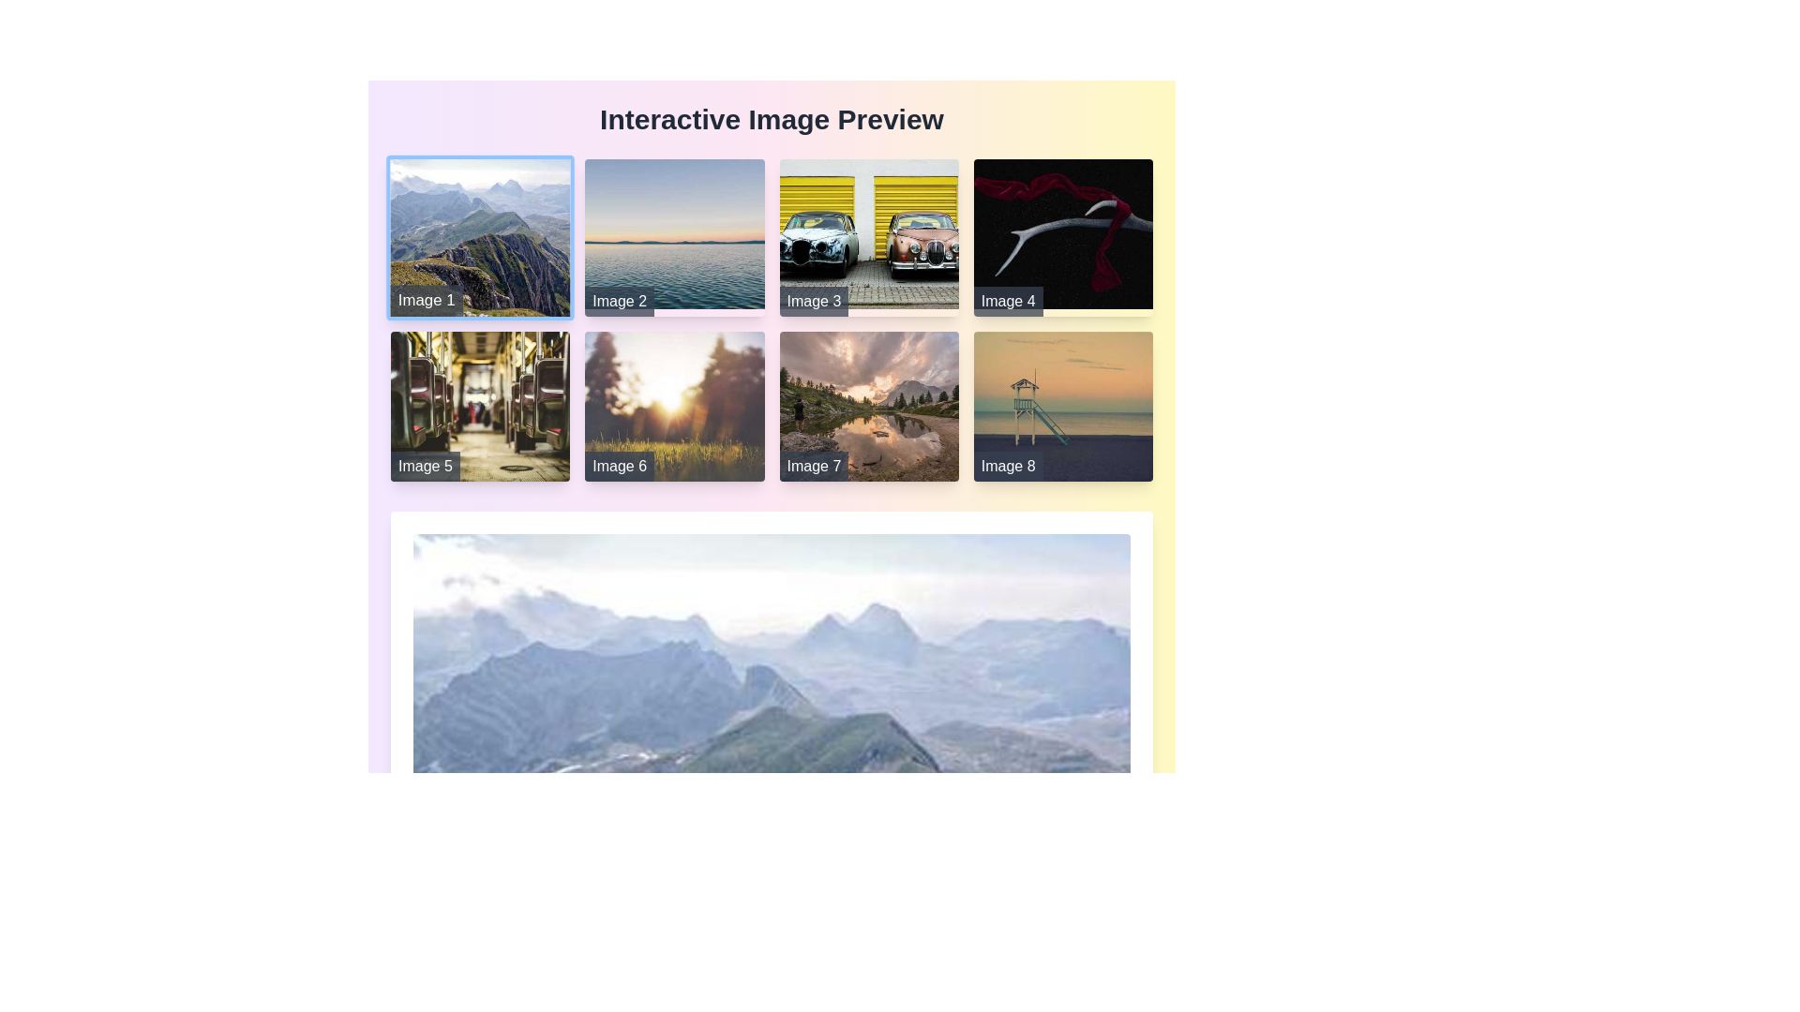 The height and width of the screenshot is (1012, 1800). What do you see at coordinates (867, 233) in the screenshot?
I see `on the central image in the top row of the gallery` at bounding box center [867, 233].